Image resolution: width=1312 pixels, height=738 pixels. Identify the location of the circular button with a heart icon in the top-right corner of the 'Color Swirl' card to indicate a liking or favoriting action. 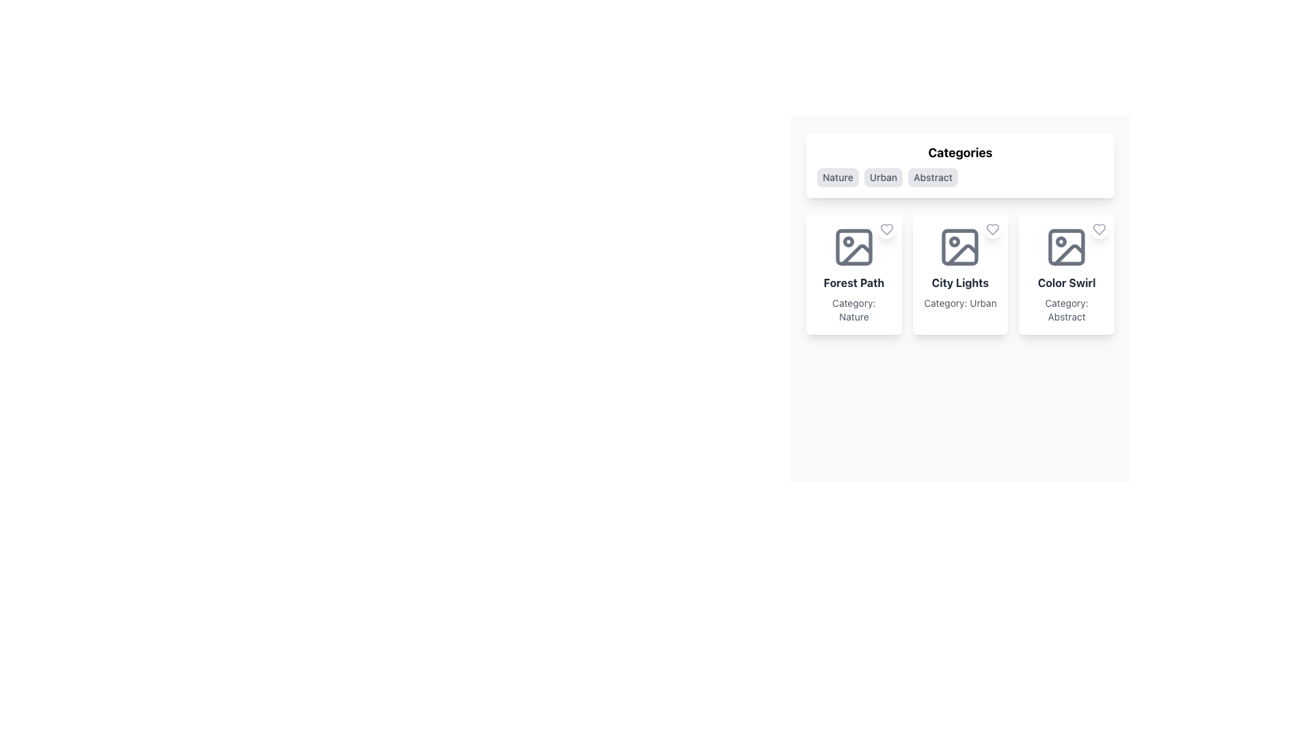
(1099, 228).